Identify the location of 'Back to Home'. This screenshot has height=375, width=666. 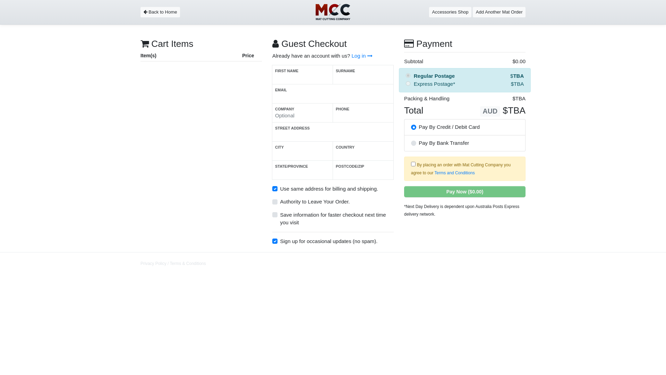
(160, 12).